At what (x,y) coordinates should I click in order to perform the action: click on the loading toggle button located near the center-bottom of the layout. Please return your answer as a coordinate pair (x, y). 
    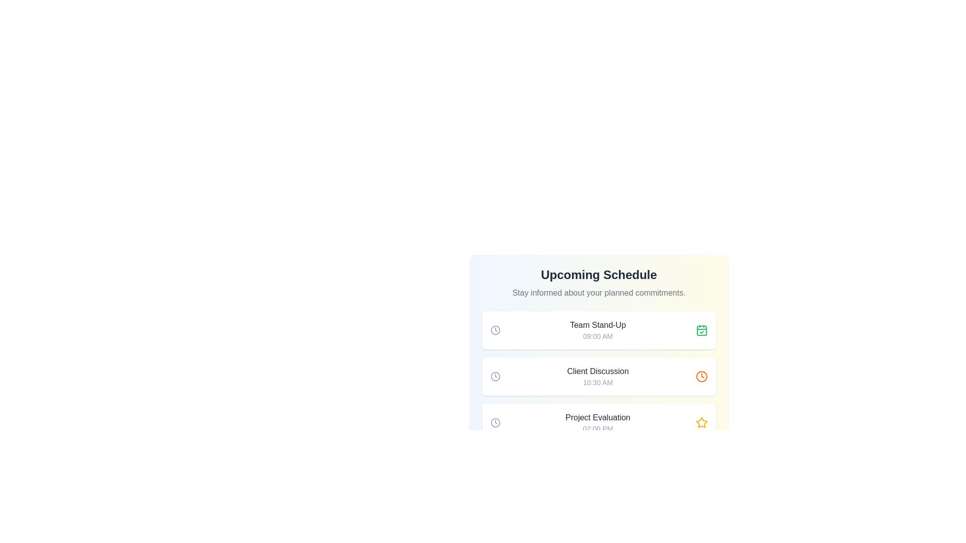
    Looking at the image, I should click on (599, 464).